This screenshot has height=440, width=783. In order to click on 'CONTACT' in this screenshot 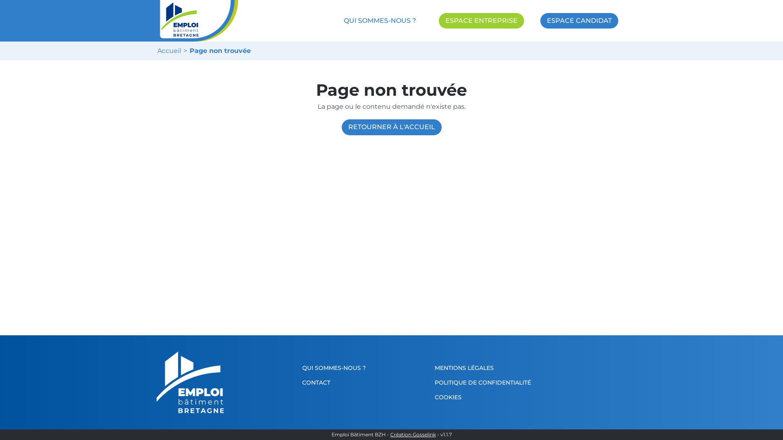, I will do `click(364, 382)`.